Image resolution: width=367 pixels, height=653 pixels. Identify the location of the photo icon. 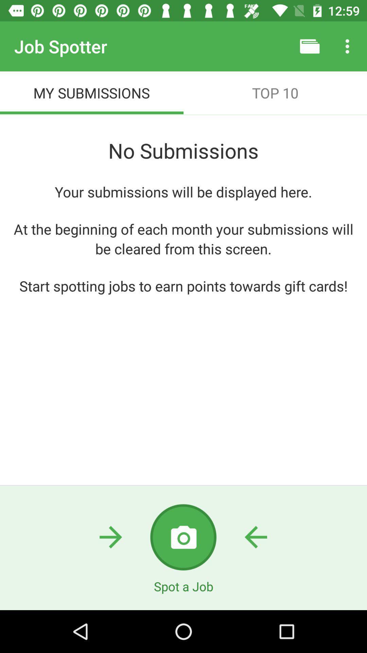
(183, 537).